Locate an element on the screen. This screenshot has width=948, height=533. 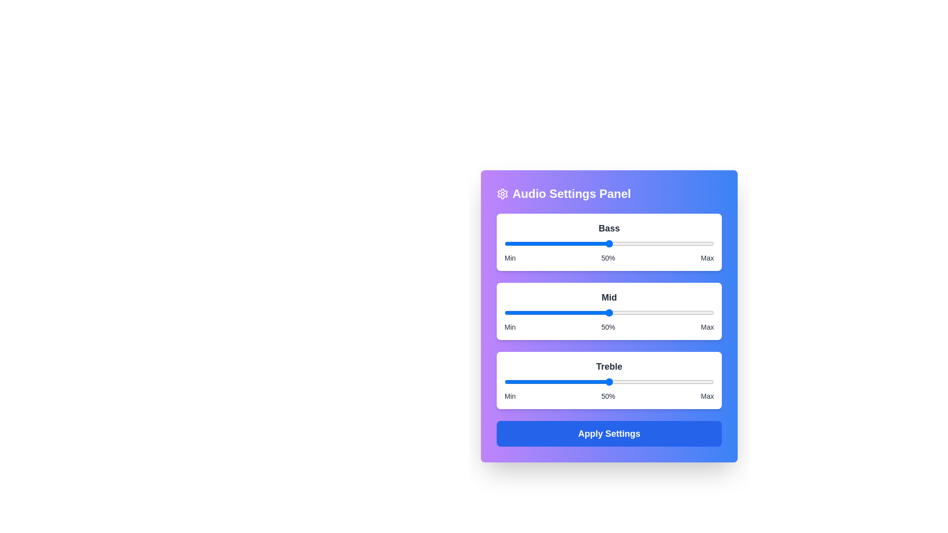
the treble level is located at coordinates (634, 381).